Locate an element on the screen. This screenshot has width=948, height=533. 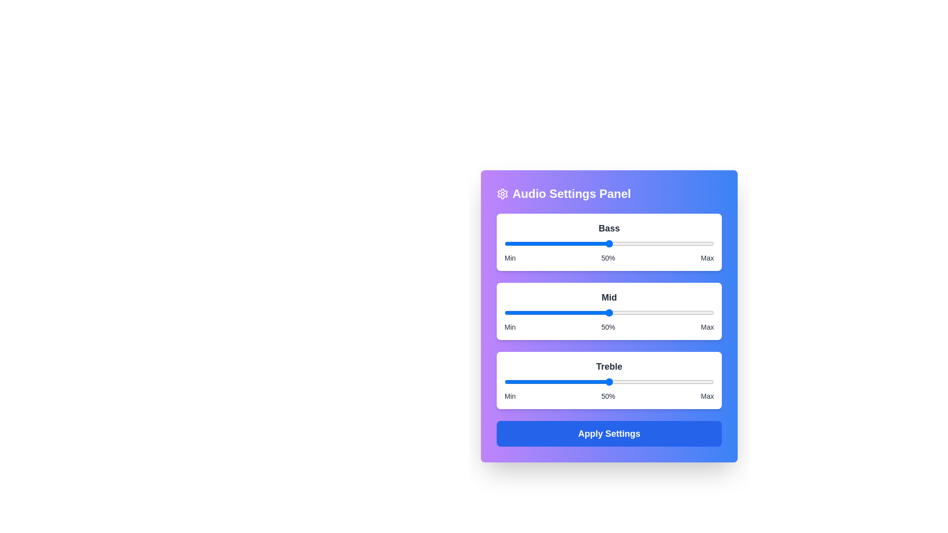
the treble level is located at coordinates (634, 381).